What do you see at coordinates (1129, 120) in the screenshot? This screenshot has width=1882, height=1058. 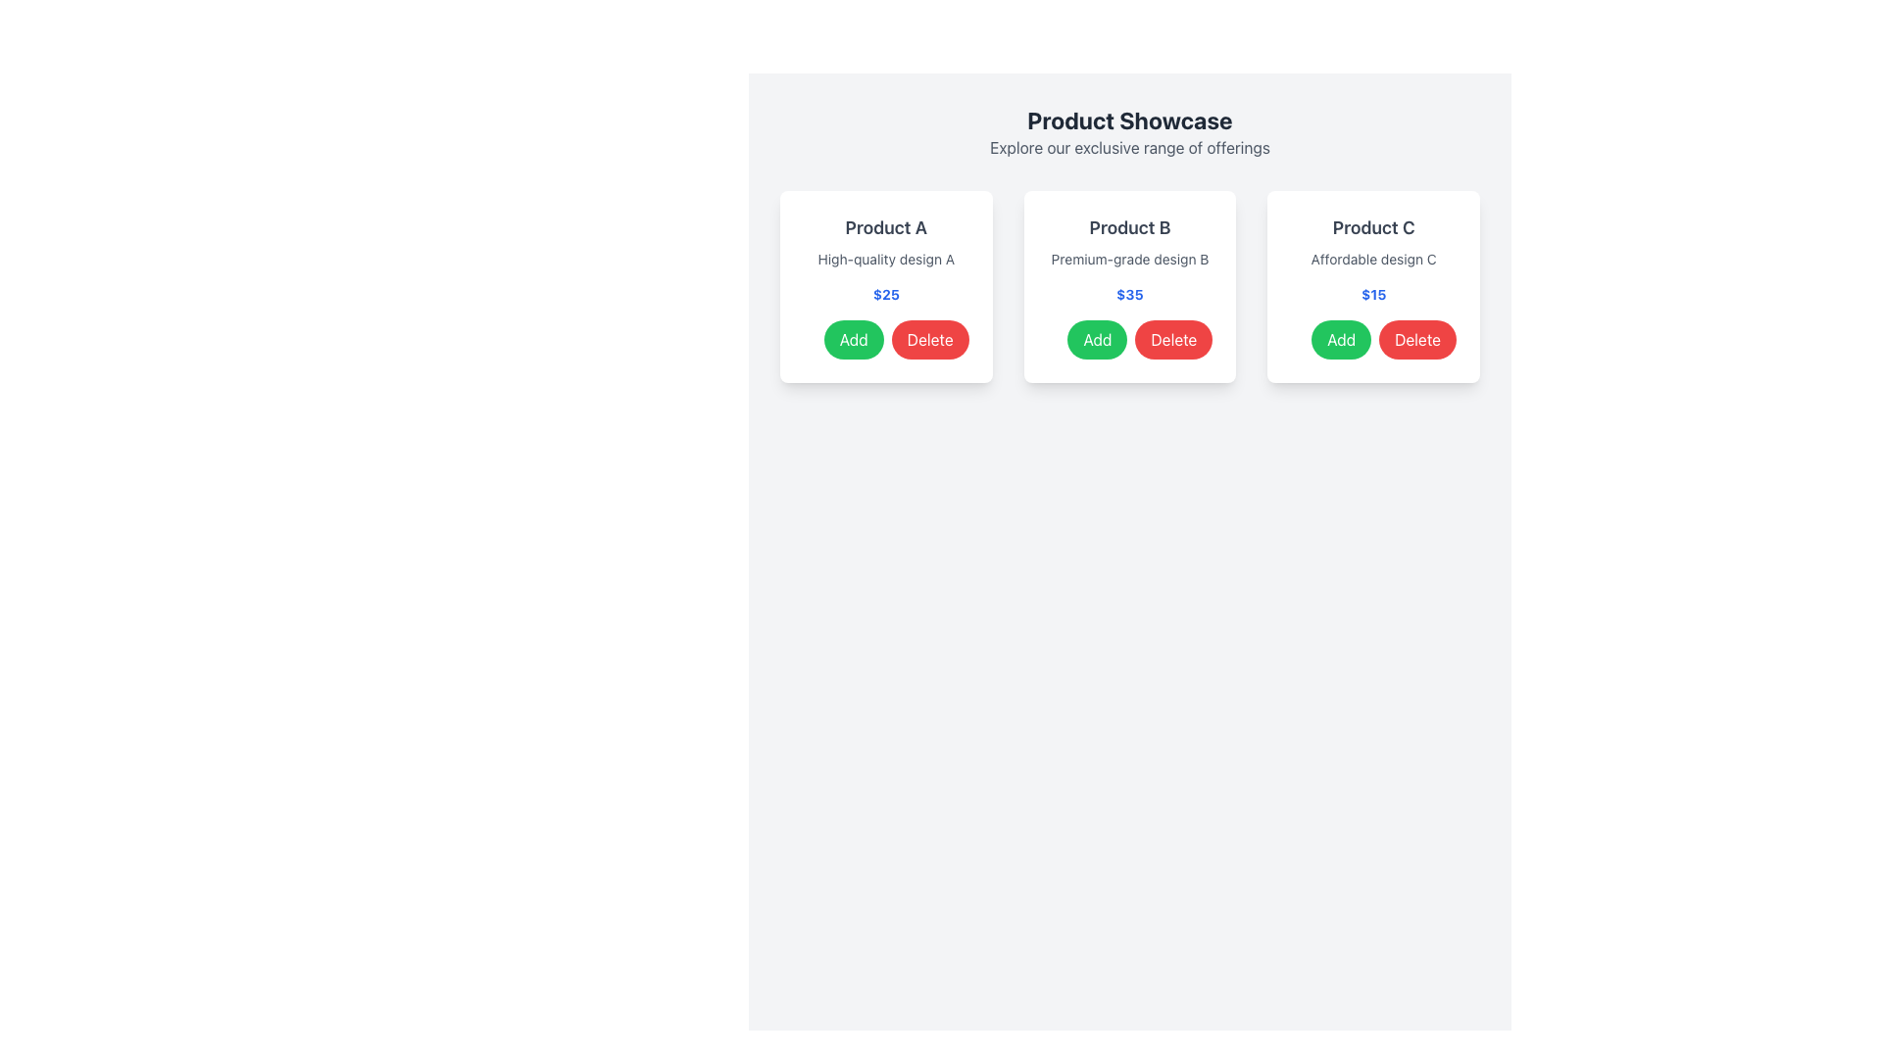 I see `the prominently styled text header that reads 'Product Showcase'` at bounding box center [1129, 120].